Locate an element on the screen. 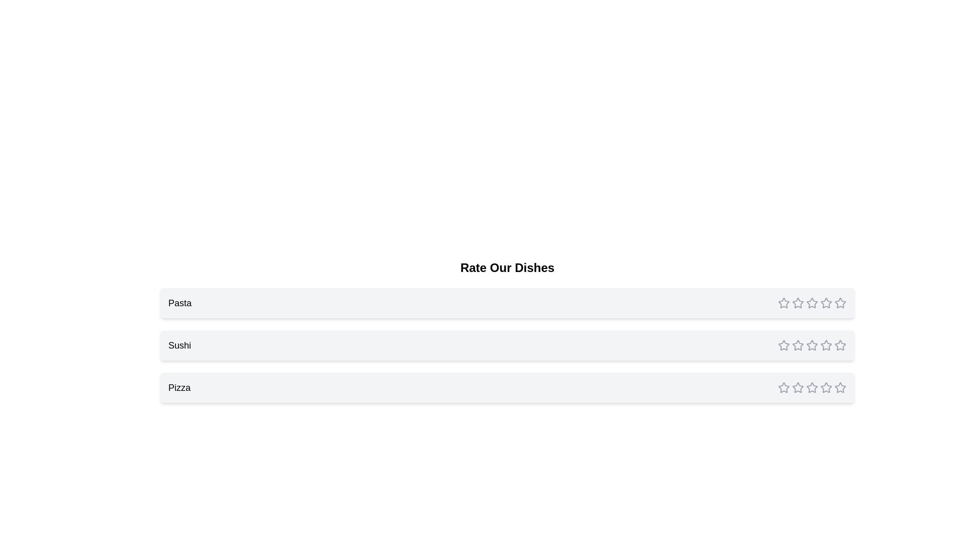 The image size is (968, 544). the fourth star icon in the rating system for 'Pizza' to indicate a four-star rating is located at coordinates (825, 386).